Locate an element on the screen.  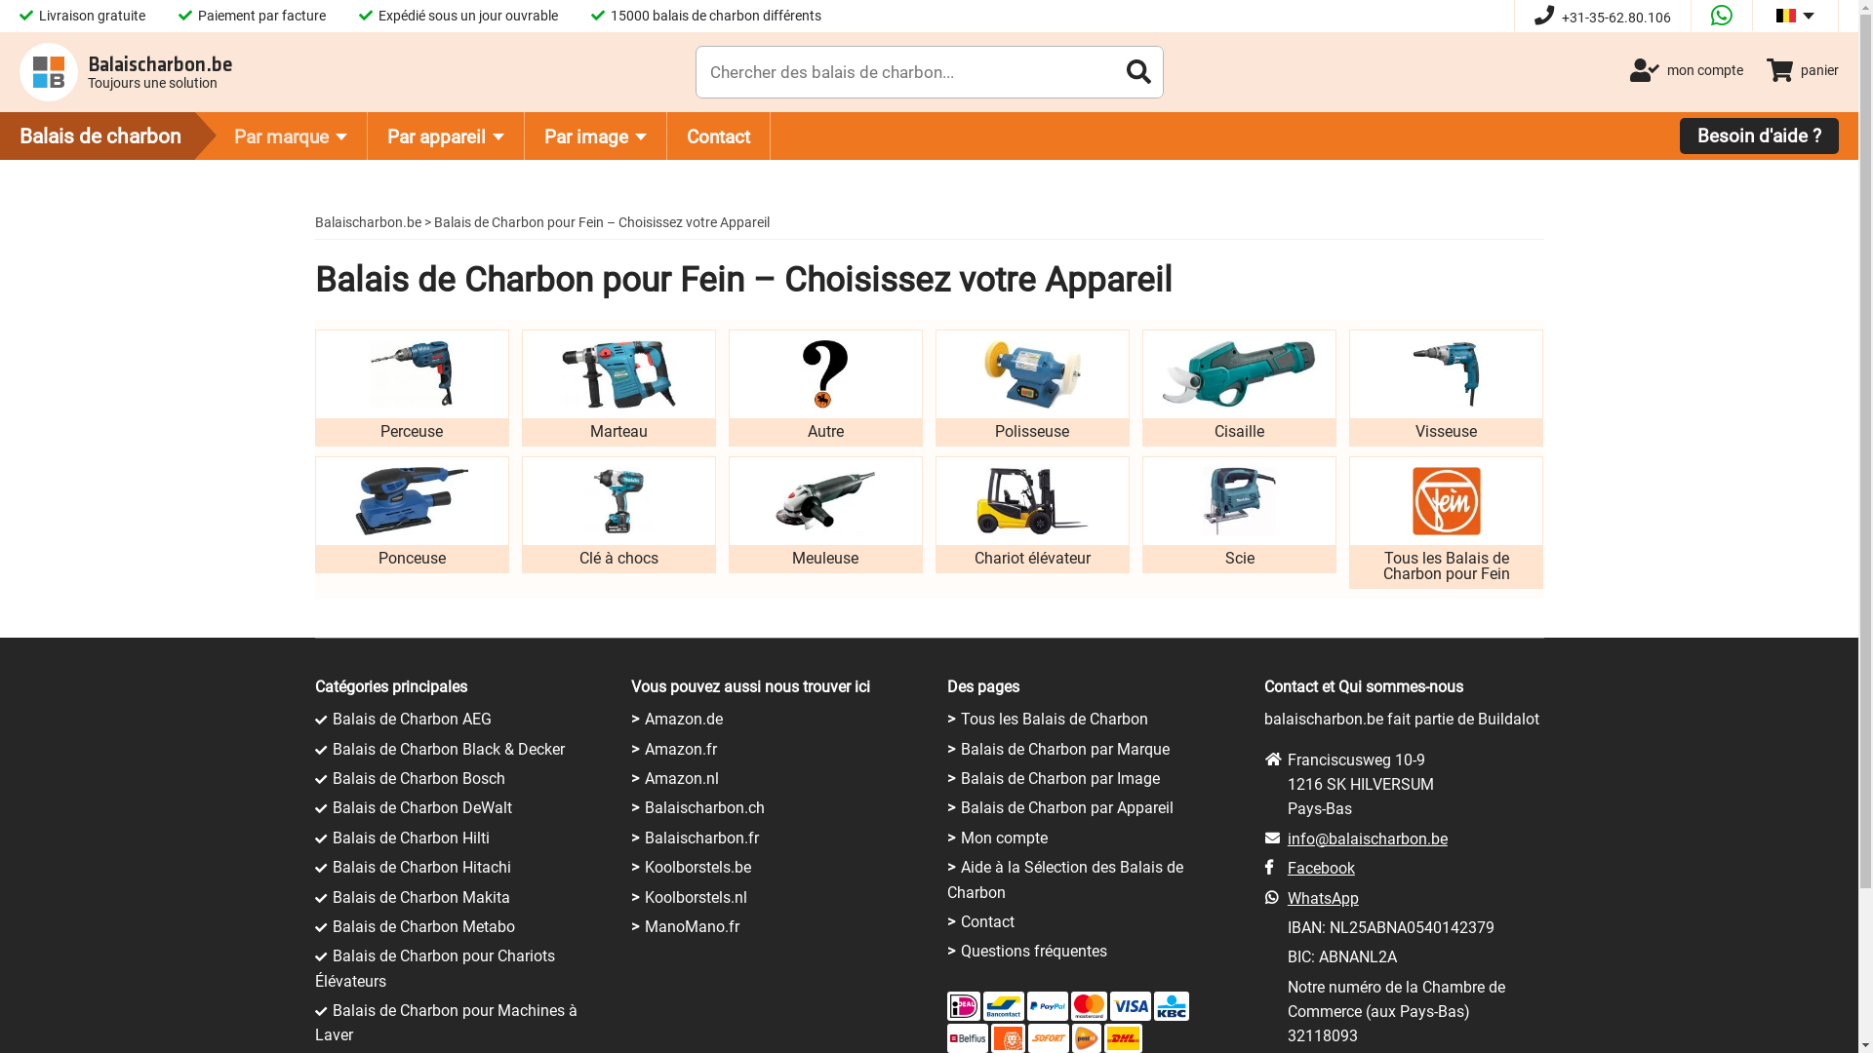
'+31-35-62.80.106' is located at coordinates (1602, 18).